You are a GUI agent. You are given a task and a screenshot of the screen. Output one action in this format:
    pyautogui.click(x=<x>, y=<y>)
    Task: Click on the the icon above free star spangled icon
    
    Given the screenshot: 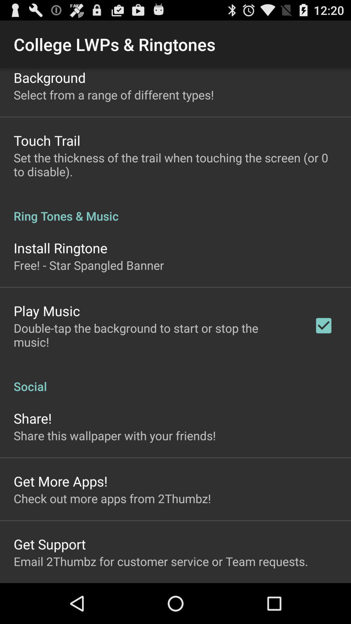 What is the action you would take?
    pyautogui.click(x=60, y=247)
    